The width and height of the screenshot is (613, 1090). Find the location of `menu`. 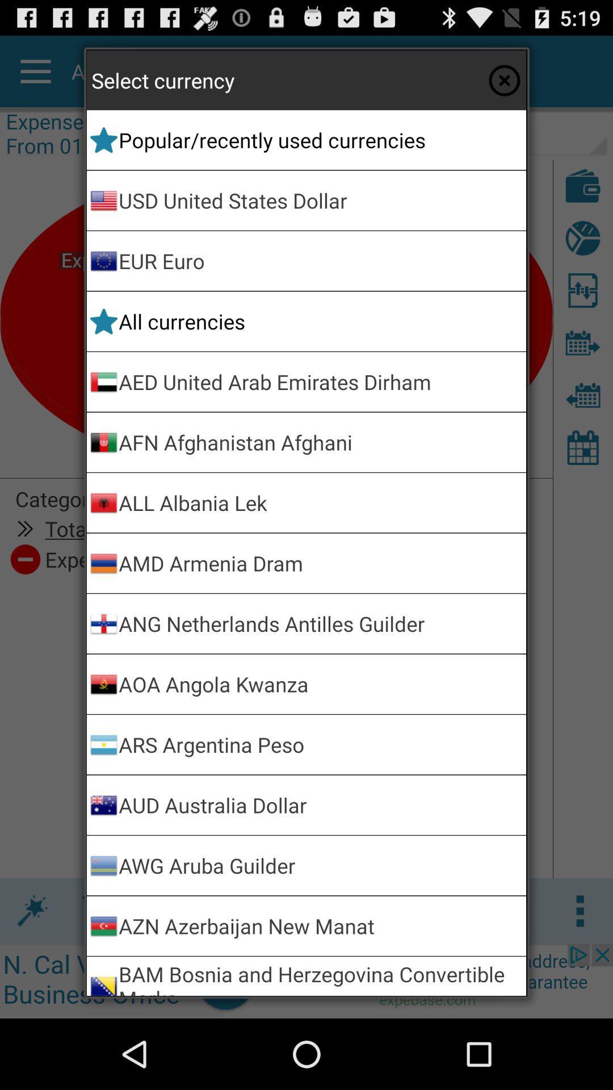

menu is located at coordinates (503, 79).